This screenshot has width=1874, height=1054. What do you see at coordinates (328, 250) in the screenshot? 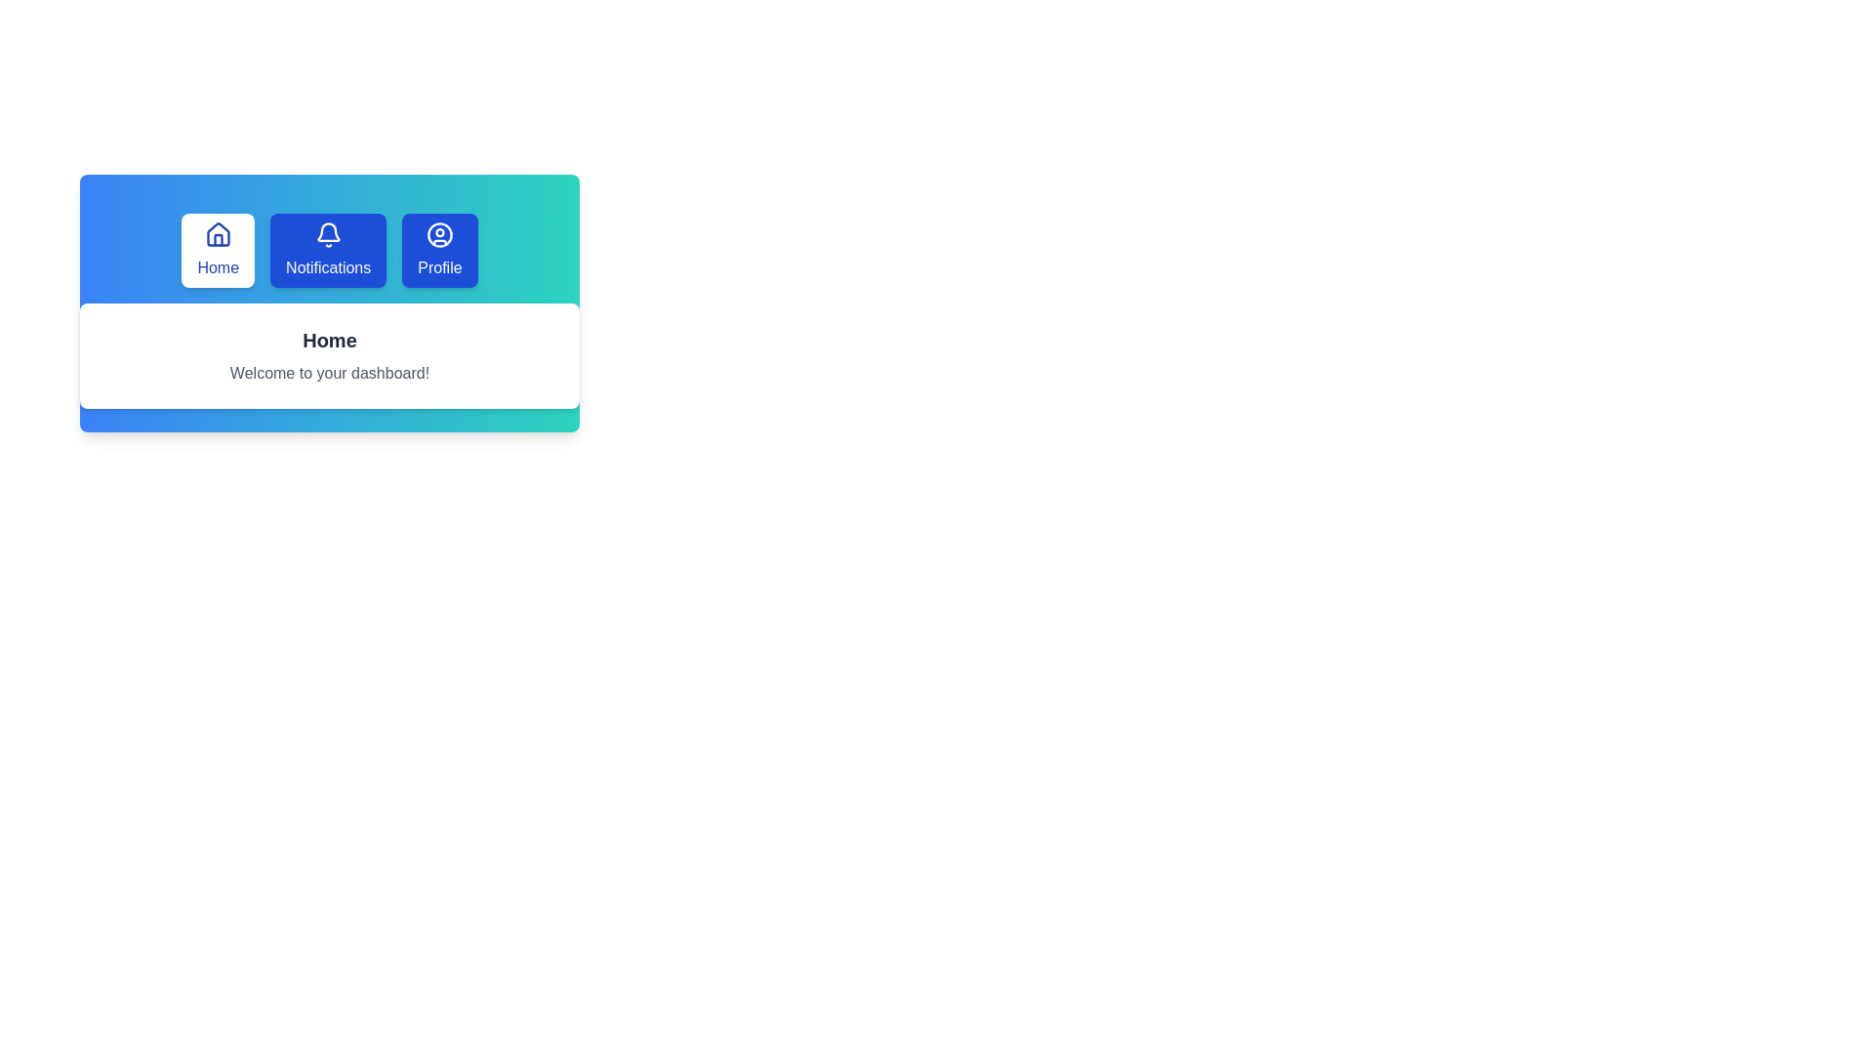
I see `the Notifications tab by clicking its button` at bounding box center [328, 250].